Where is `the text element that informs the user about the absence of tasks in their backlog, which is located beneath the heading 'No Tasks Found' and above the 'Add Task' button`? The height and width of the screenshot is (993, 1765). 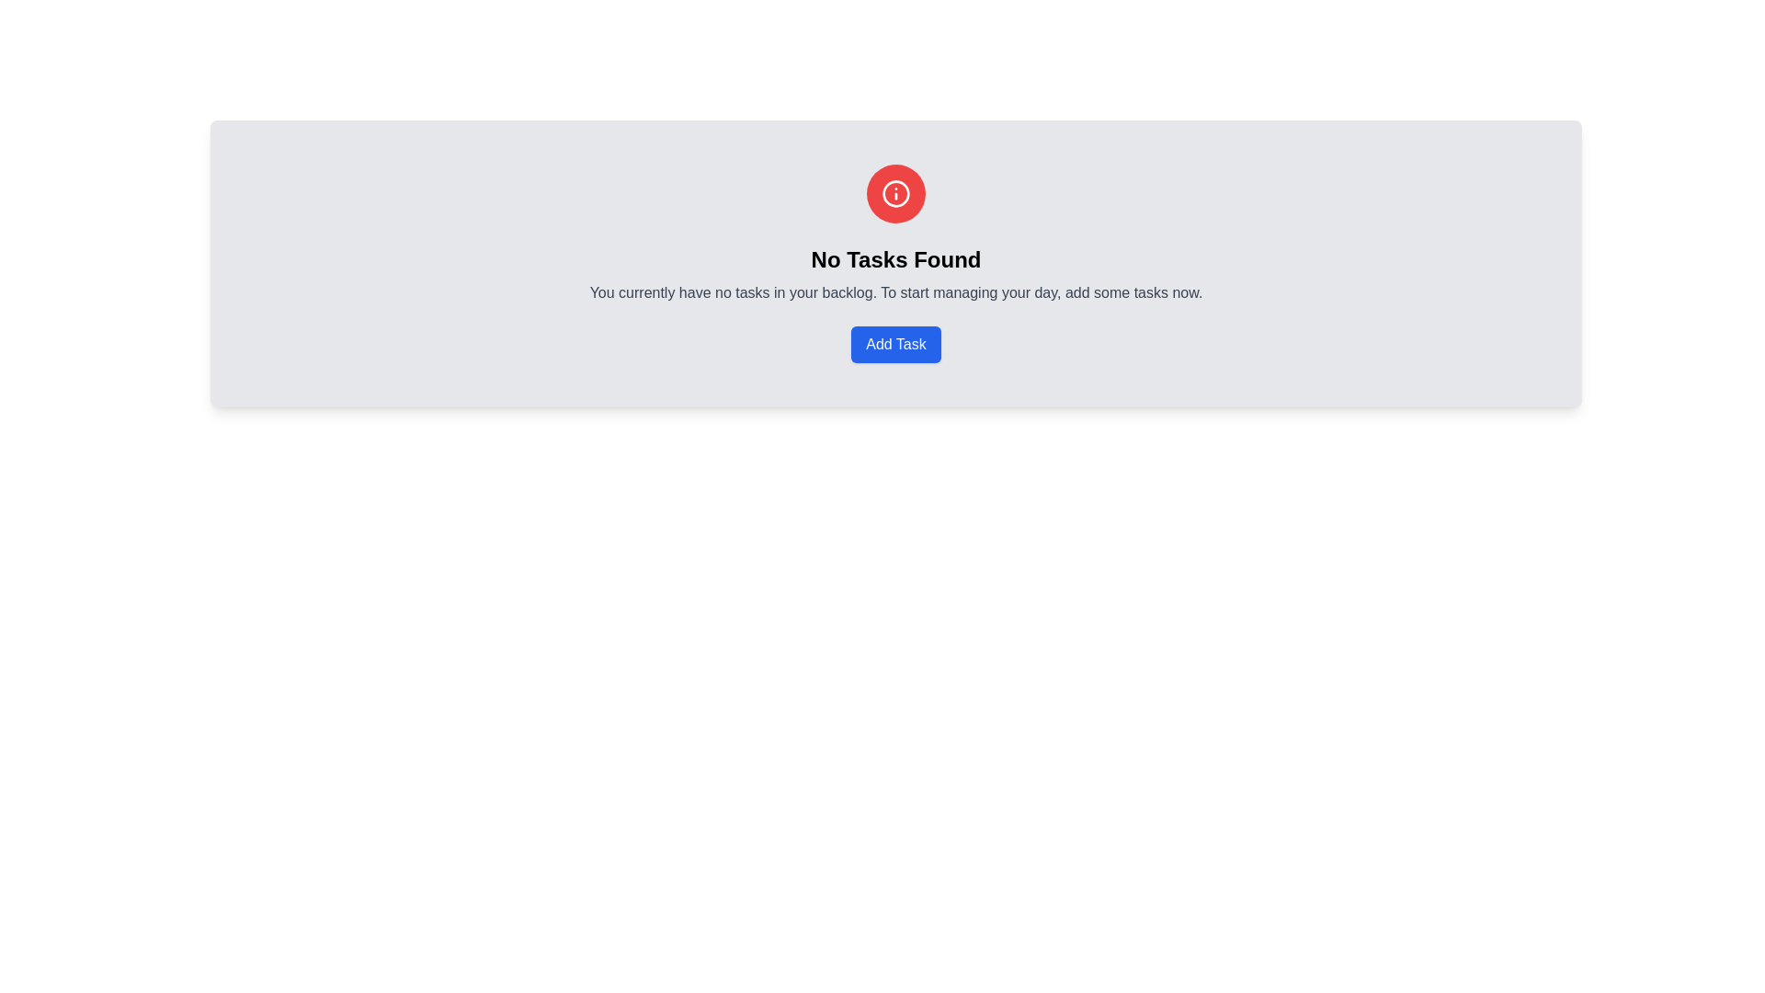 the text element that informs the user about the absence of tasks in their backlog, which is located beneath the heading 'No Tasks Found' and above the 'Add Task' button is located at coordinates (895, 292).